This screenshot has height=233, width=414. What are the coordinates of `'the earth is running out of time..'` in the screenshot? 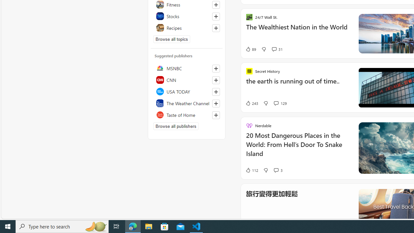 It's located at (298, 84).